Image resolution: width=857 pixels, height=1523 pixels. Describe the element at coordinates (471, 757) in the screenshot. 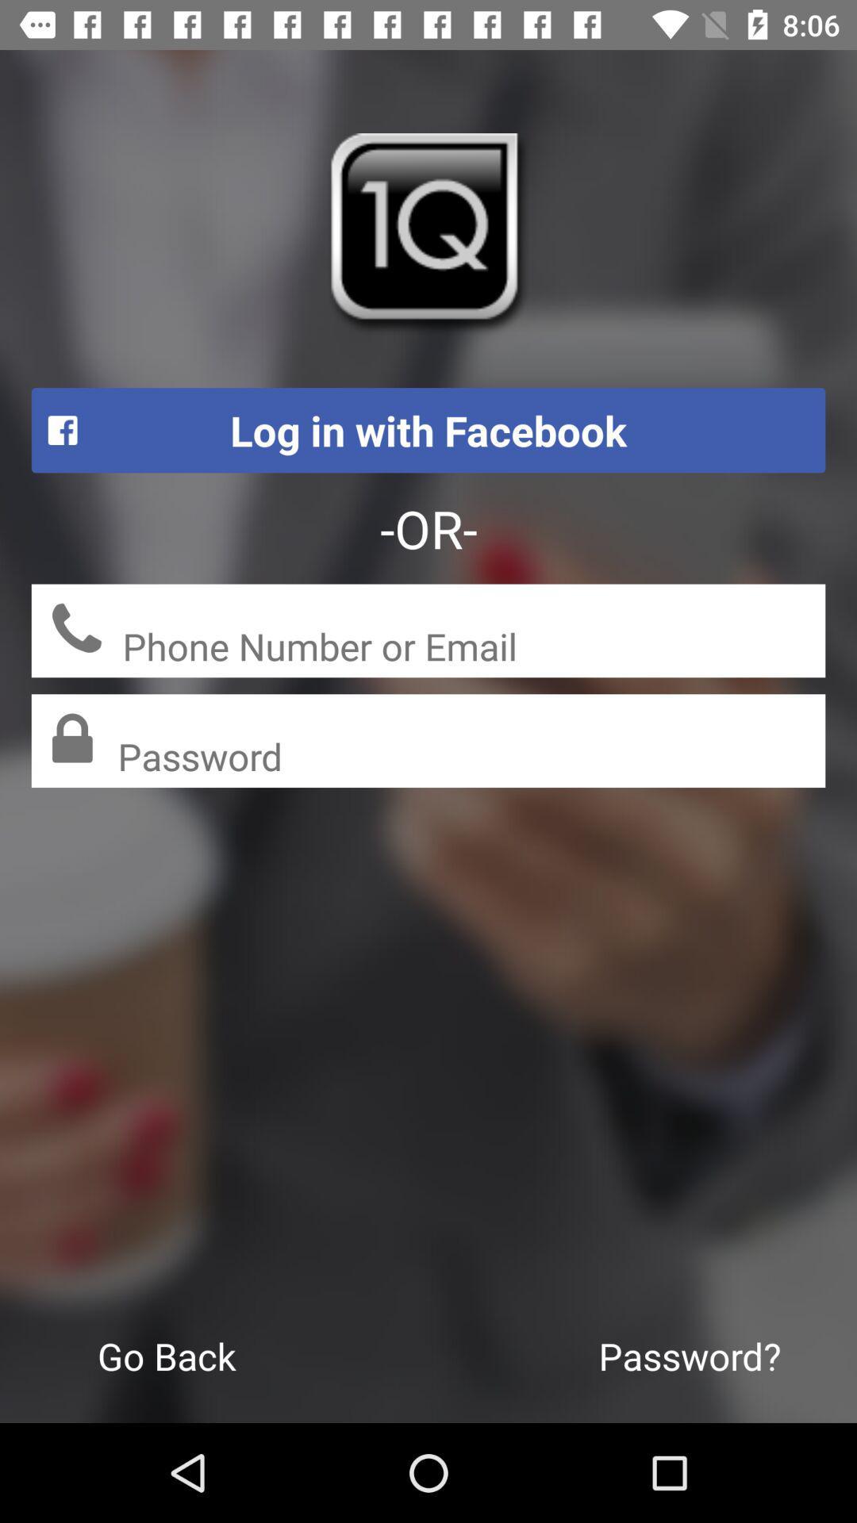

I see `password` at that location.